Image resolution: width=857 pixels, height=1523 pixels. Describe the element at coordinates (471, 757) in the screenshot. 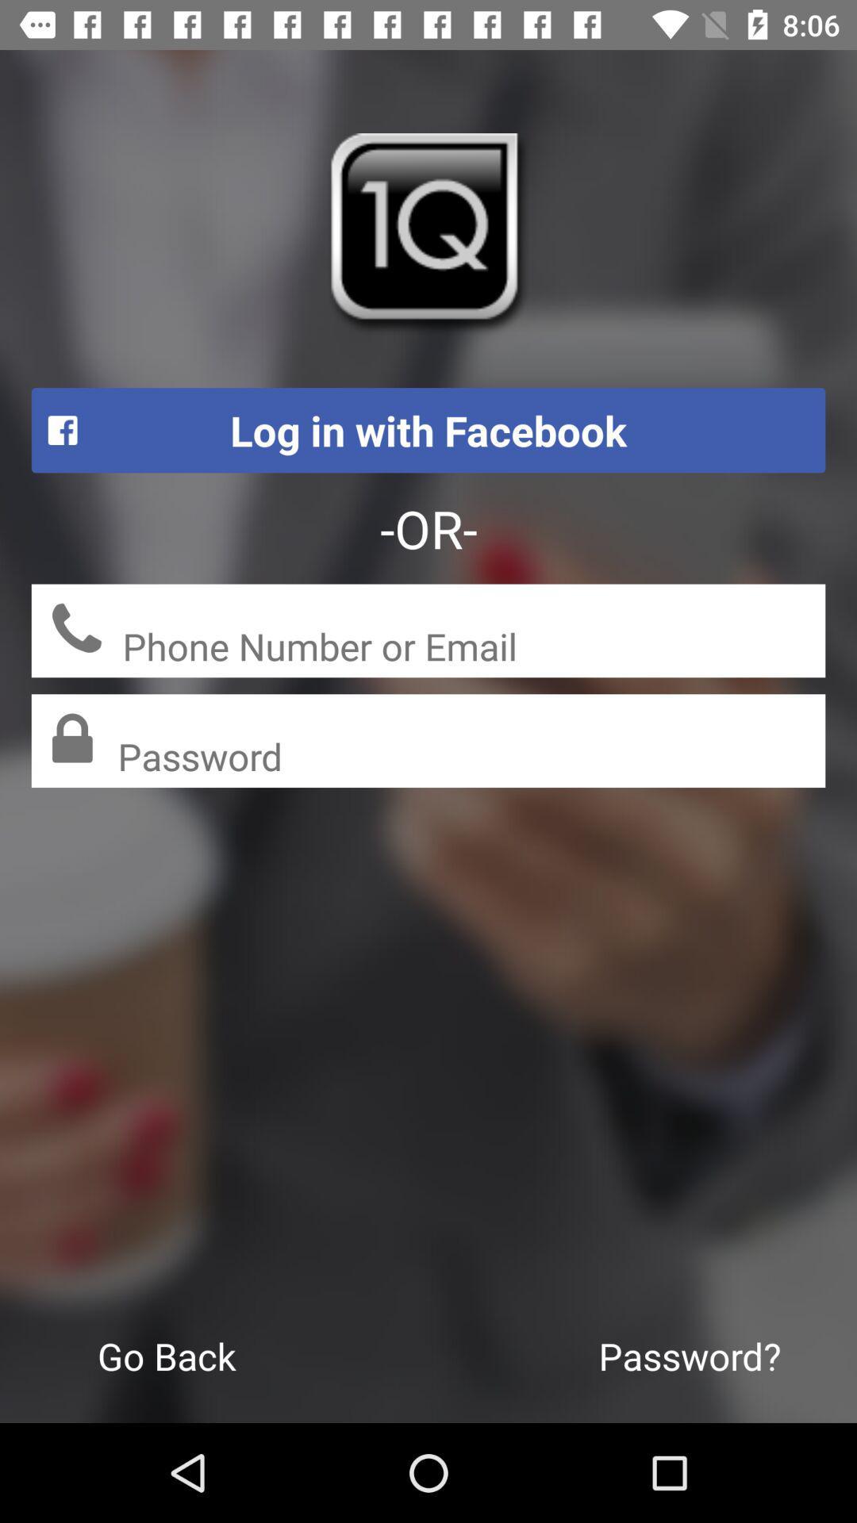

I see `password` at that location.